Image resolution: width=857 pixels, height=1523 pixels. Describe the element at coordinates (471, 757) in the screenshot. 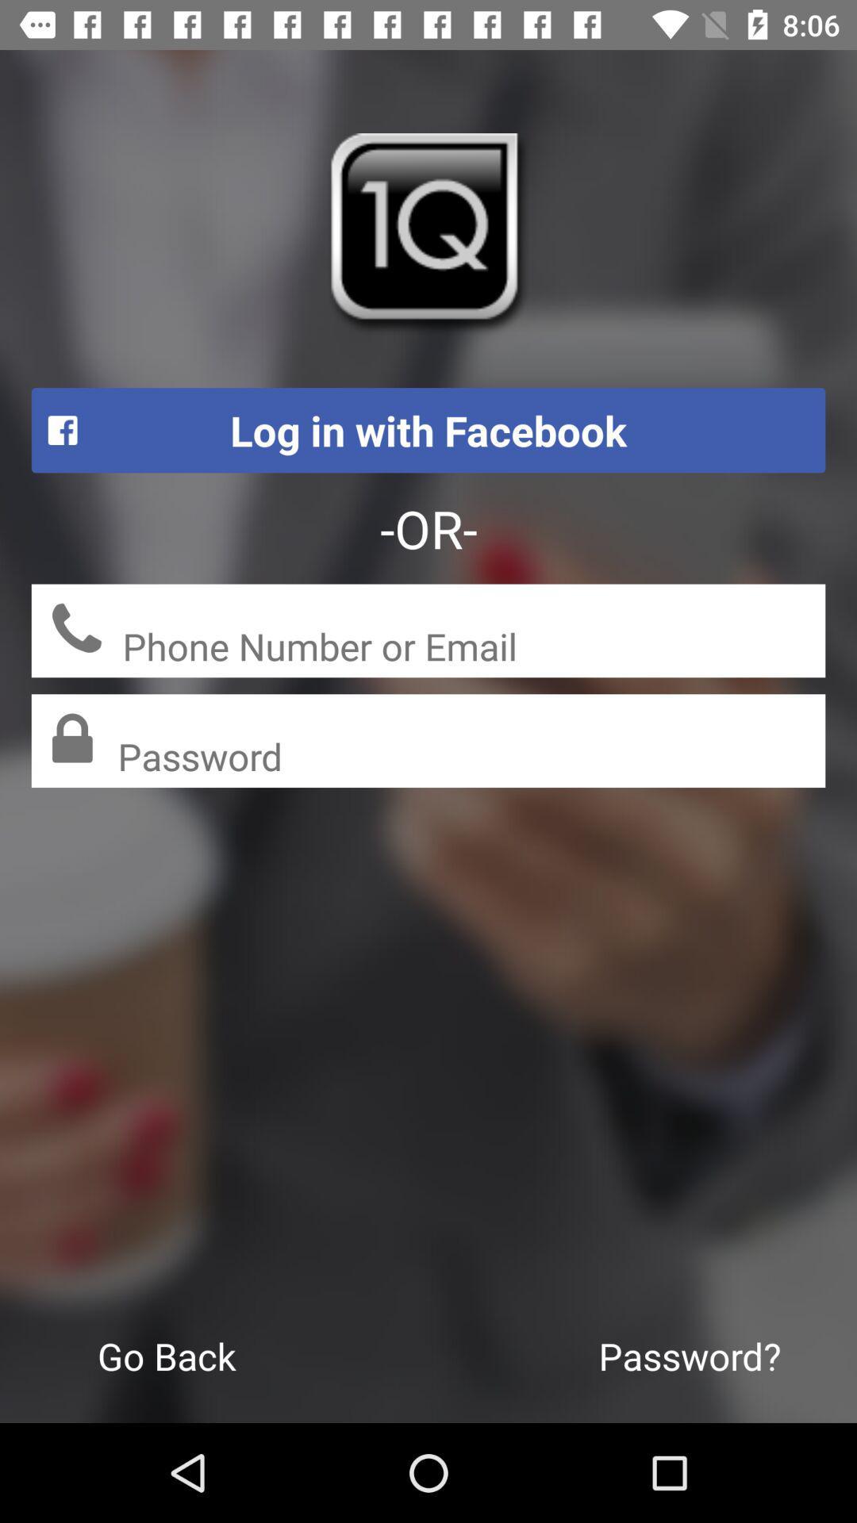

I see `password` at that location.